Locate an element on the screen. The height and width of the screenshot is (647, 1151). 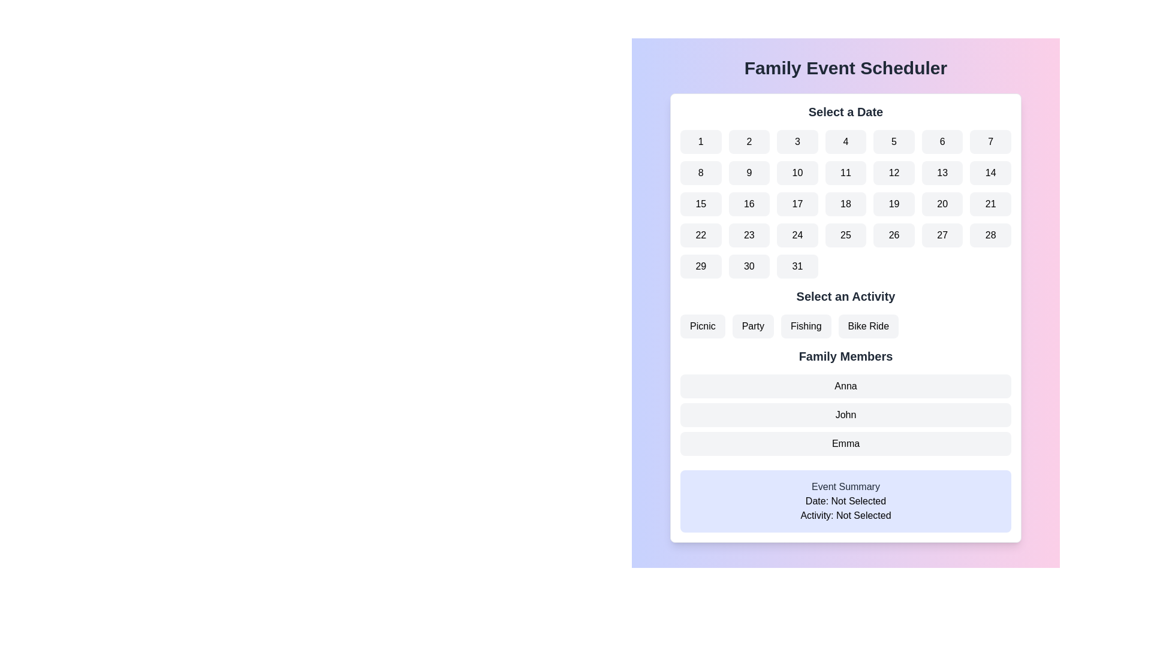
the date selector grid cell located below the 'Select a Date' title is located at coordinates (845, 203).